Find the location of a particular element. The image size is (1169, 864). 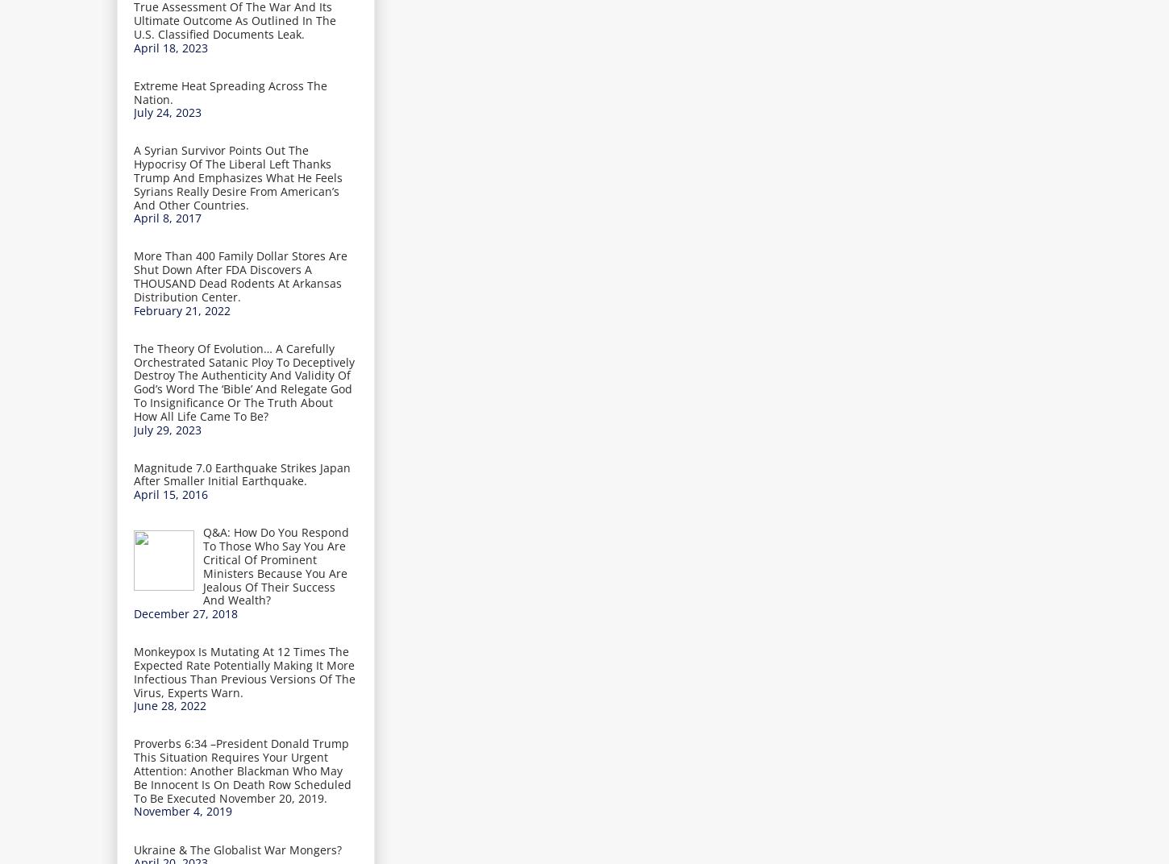

'Q&A: How Do You Respond To Those Who Say You Are Critical Of Prominent Ministers Because You Are Jealous Of Their Success And Wealth?' is located at coordinates (202, 565).